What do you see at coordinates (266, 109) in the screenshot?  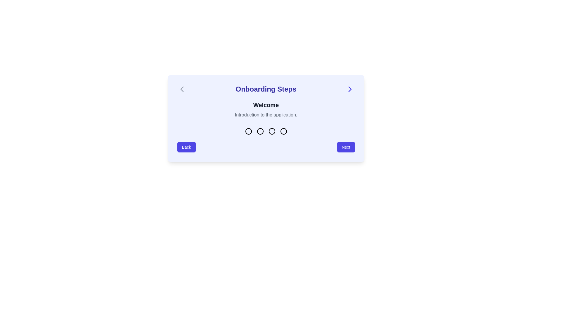 I see `the Static Text Area containing the text 'Welcome' and 'Introduction to the application.' which is centrally aligned in the dialog box titled 'Onboarding Steps.'` at bounding box center [266, 109].